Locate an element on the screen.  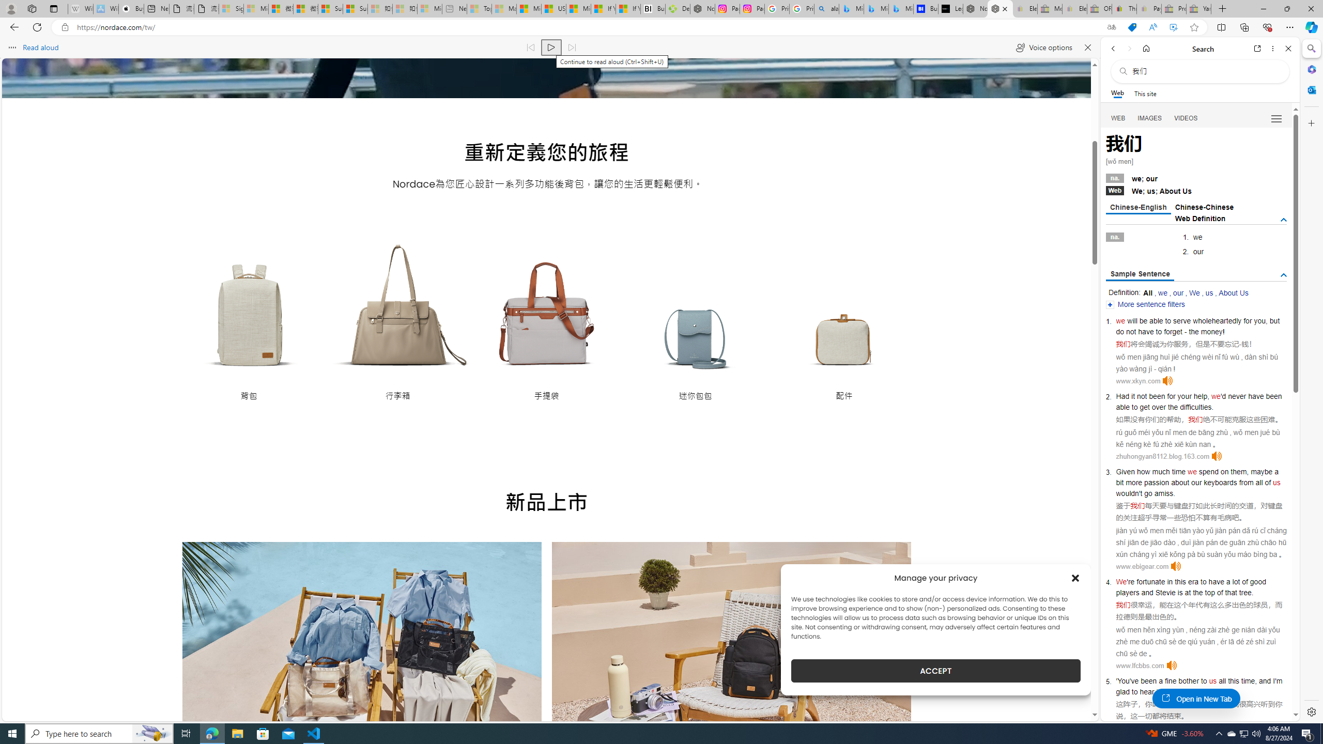
'but' is located at coordinates (1274, 320).